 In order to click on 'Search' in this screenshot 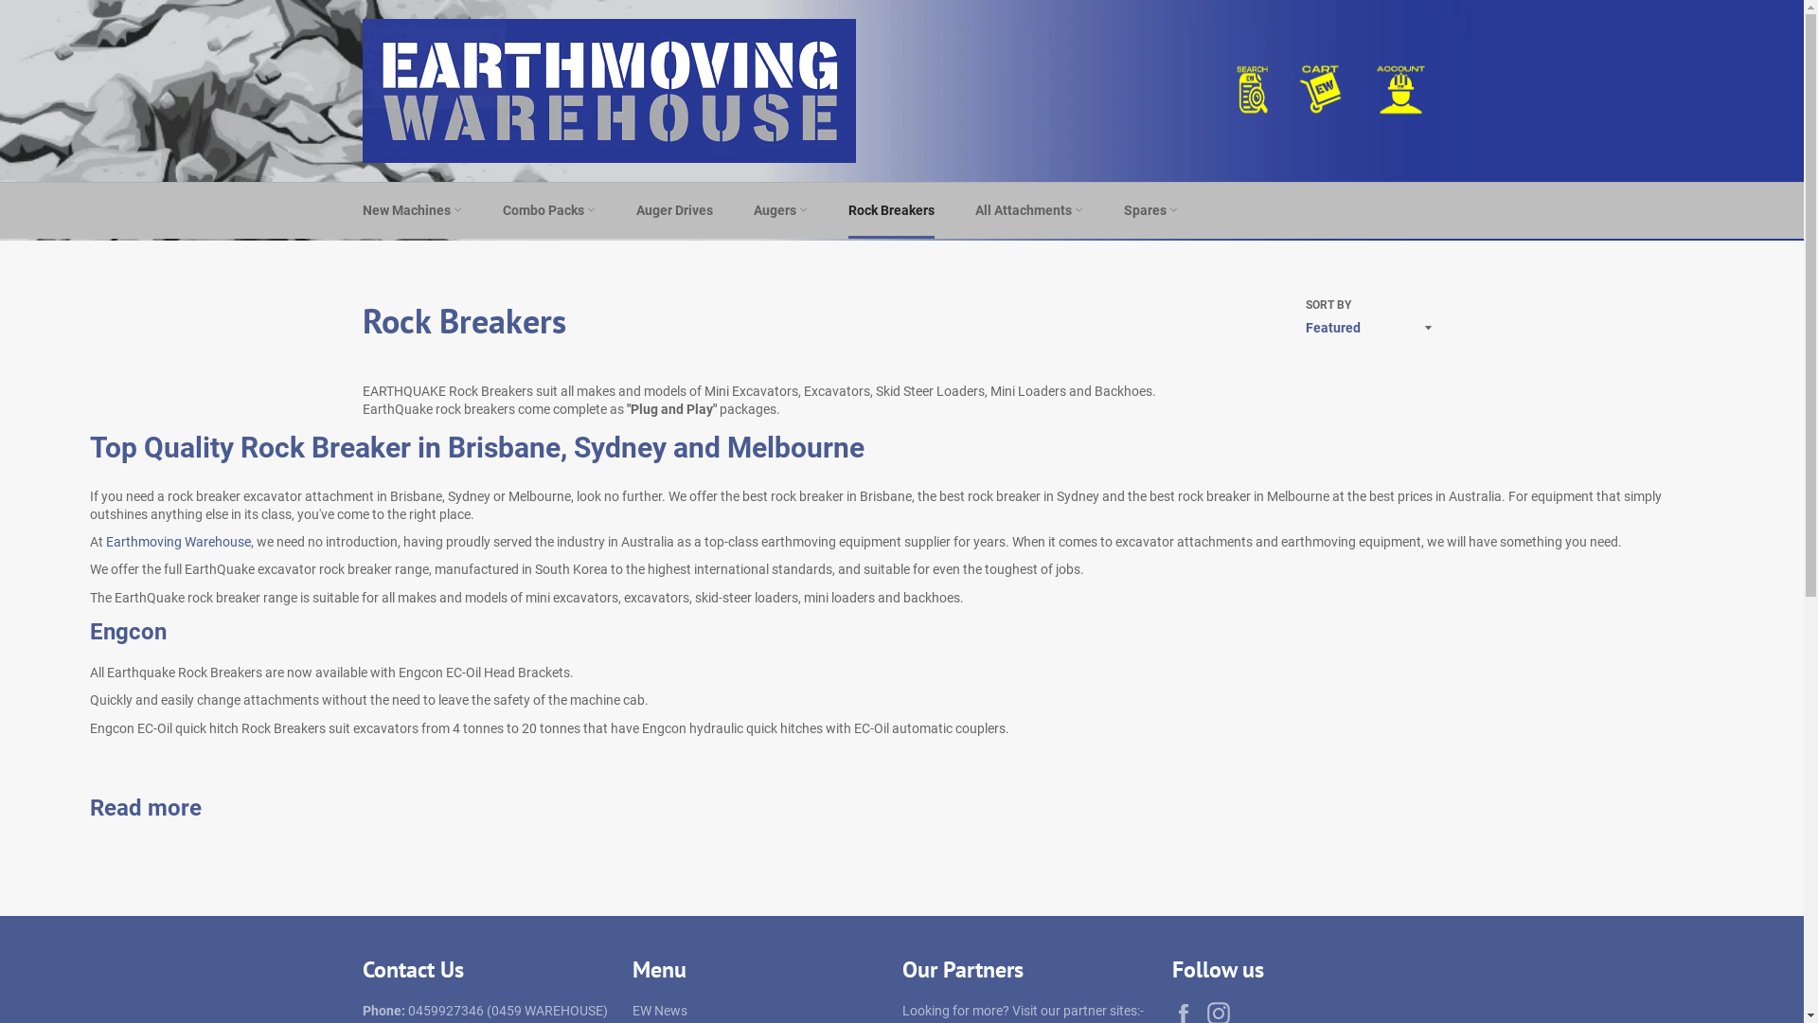, I will do `click(1249, 91)`.